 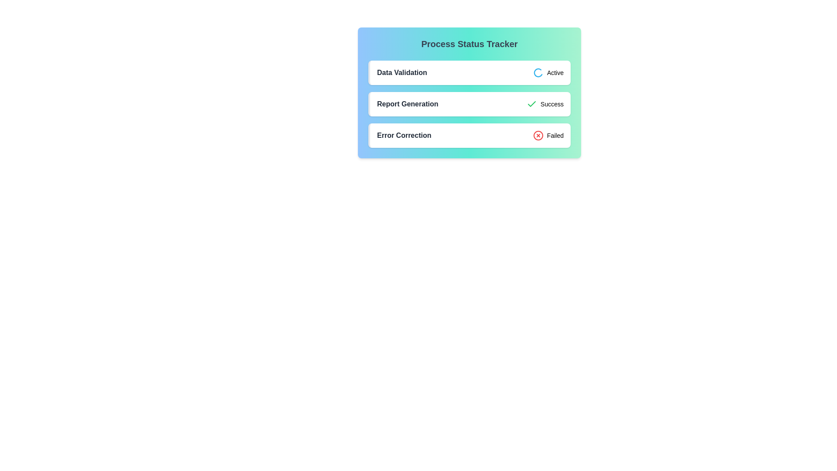 I want to click on the status indicator Label with an accompanying icon in the 'Process Status Tracker' section, located in the middle of the interface, adjacent to 'Report Generation' and aligned with other status indicators, so click(x=544, y=104).